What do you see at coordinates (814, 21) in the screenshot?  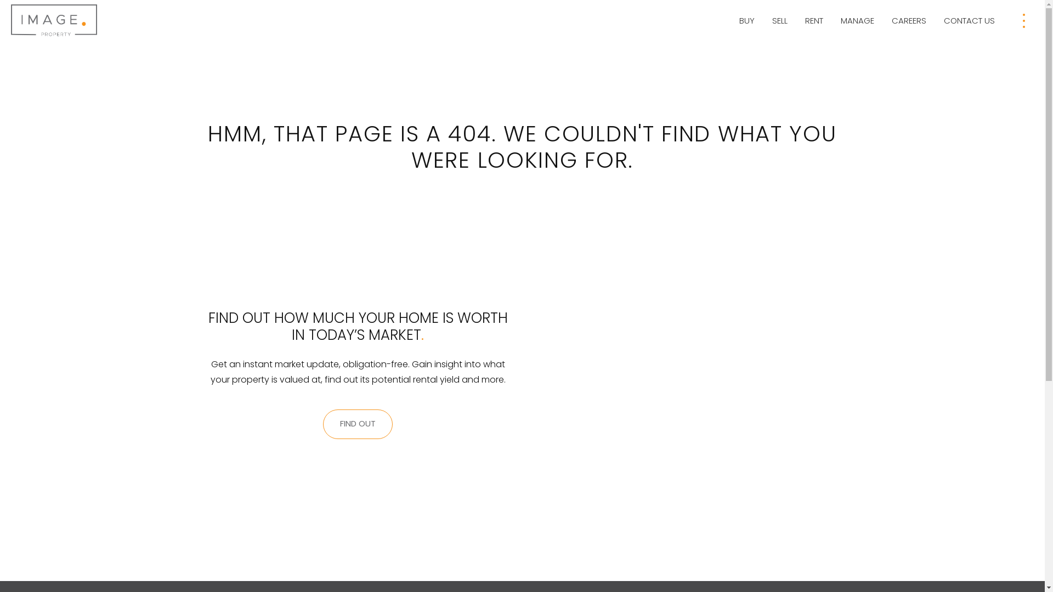 I see `'RENT'` at bounding box center [814, 21].